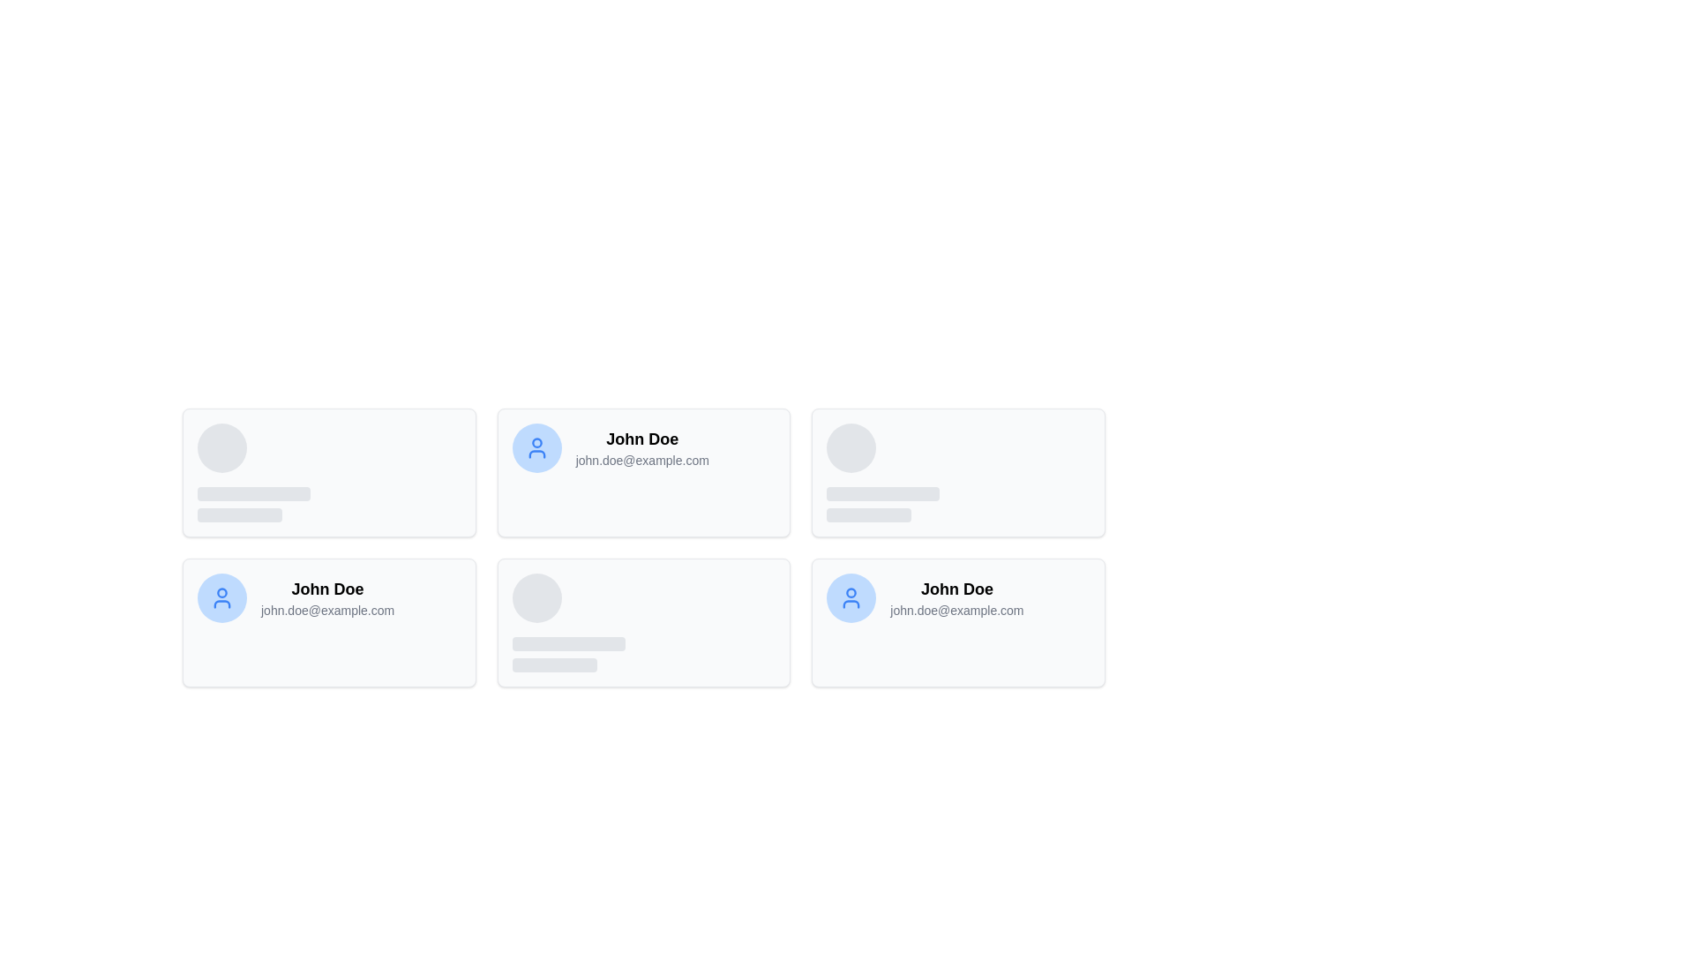 This screenshot has height=953, width=1694. I want to click on user profile picture icon, represented by a circular graphic element located in the top row, second card from the left in a three-row grid layout, using developer tools, so click(536, 442).